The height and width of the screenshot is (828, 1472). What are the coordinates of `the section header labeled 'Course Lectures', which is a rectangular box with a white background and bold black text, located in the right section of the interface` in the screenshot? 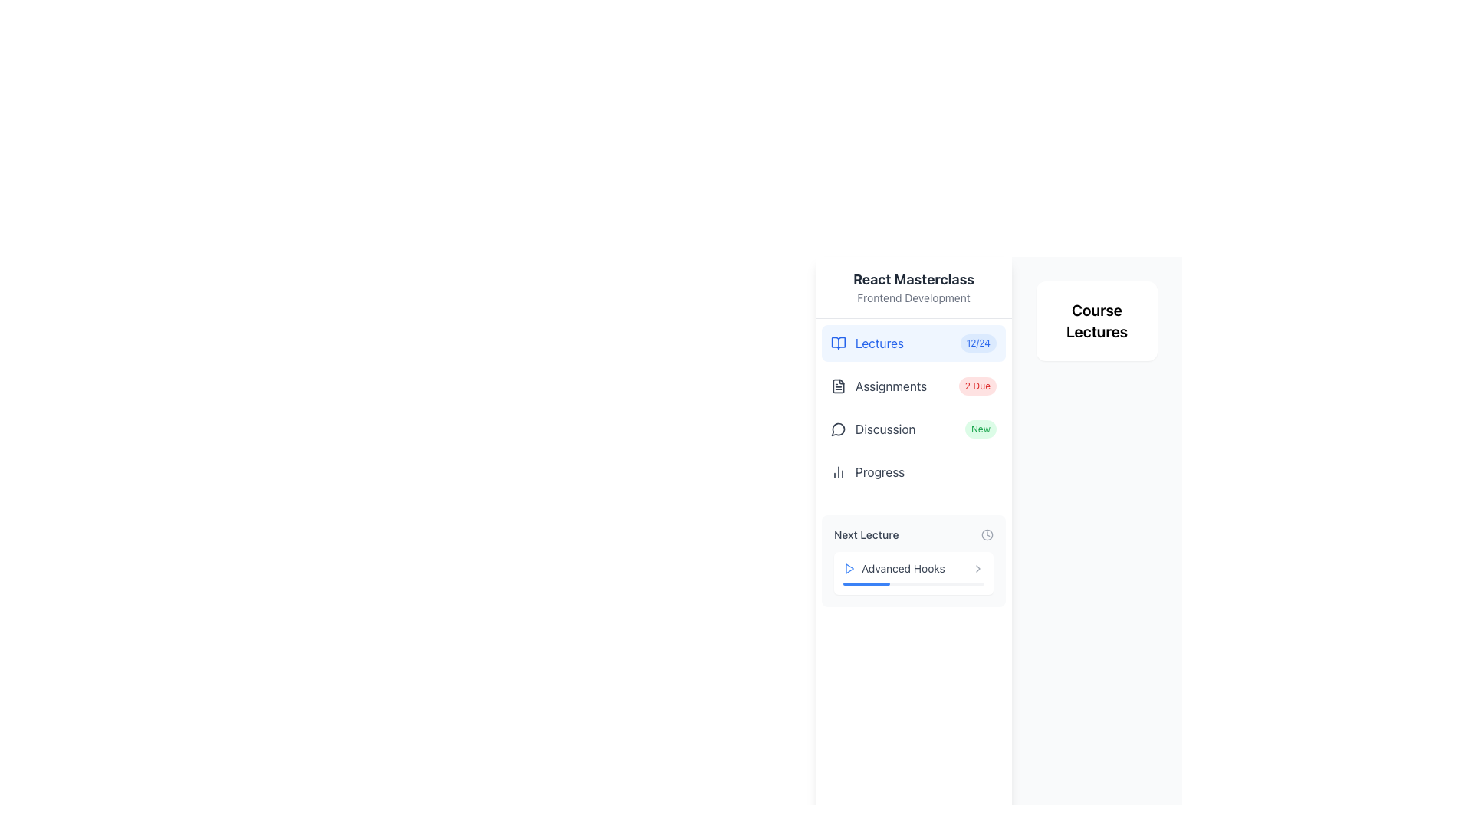 It's located at (1096, 320).